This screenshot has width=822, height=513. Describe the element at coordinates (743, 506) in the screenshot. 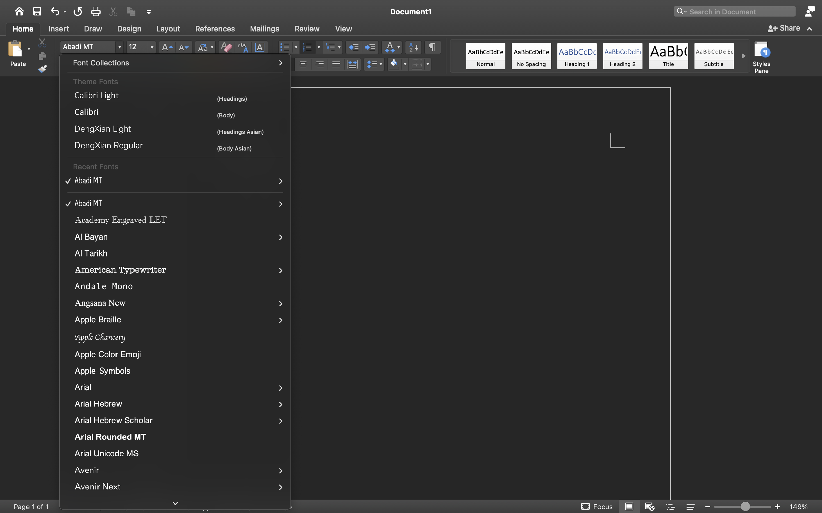

I see `'1123.0'` at that location.